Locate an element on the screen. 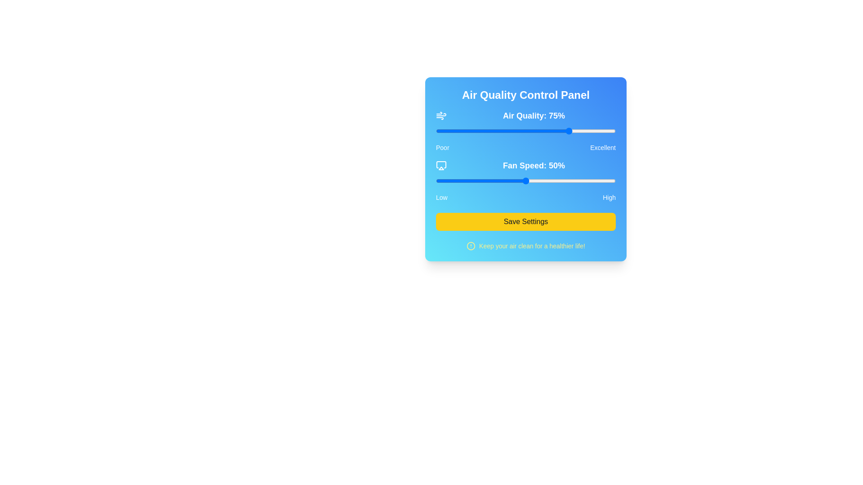  the air or wind icon with a thin outline, which is white against a blue background, located to the left of the 'Air Quality: 75%' text in the Air Quality Control Panel is located at coordinates (441, 115).